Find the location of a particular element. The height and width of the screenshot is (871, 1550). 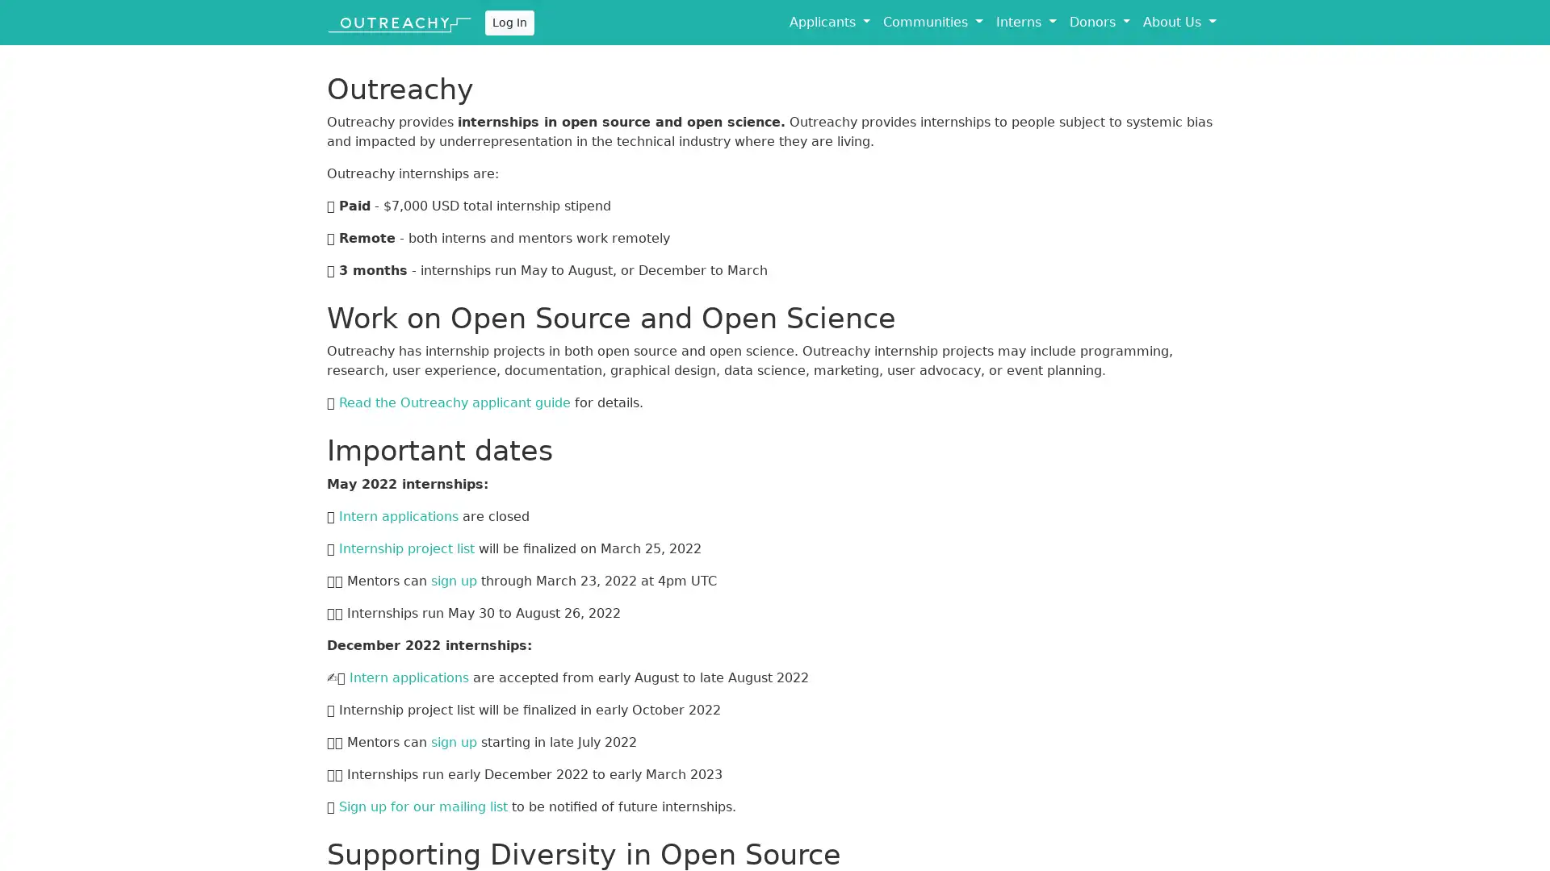

Log In is located at coordinates (509, 22).